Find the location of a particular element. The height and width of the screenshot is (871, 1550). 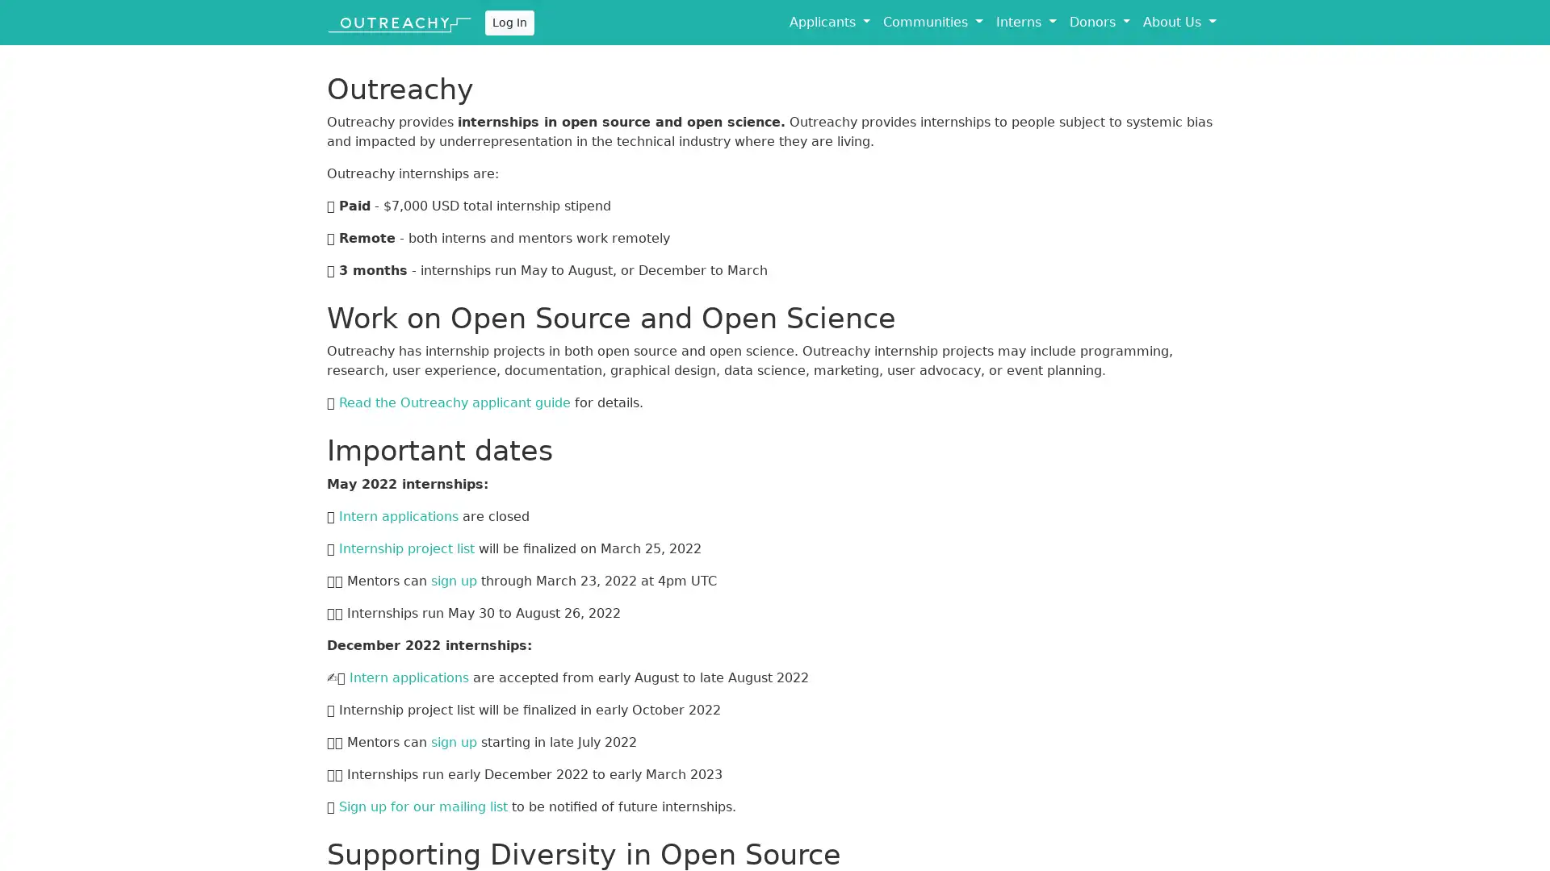

Log In is located at coordinates (509, 22).